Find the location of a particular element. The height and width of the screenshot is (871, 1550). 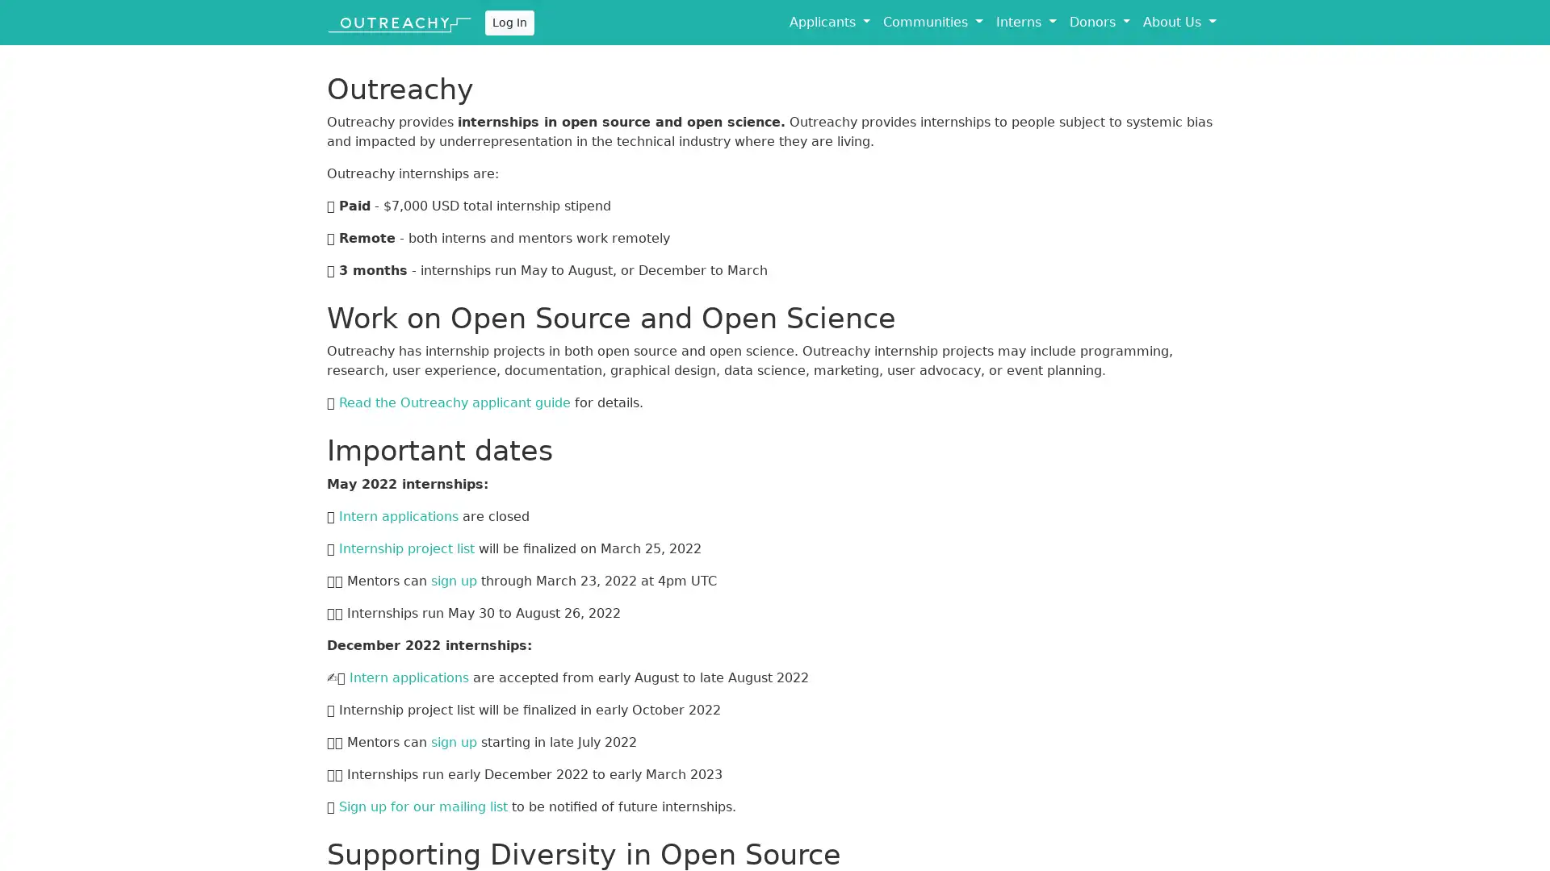

Log In is located at coordinates (509, 22).